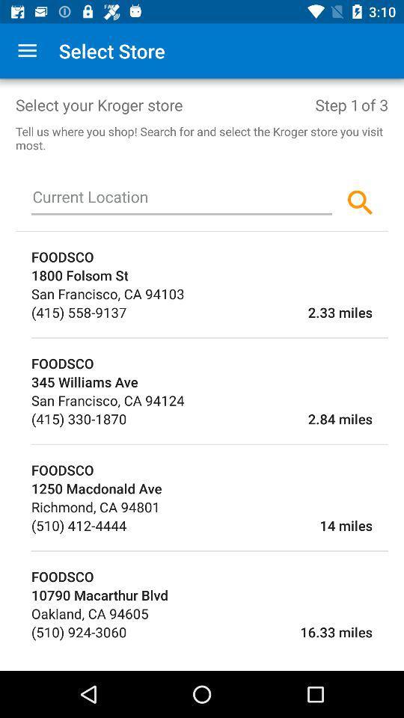 Image resolution: width=404 pixels, height=718 pixels. I want to click on the (415) 330-1870 item, so click(79, 419).